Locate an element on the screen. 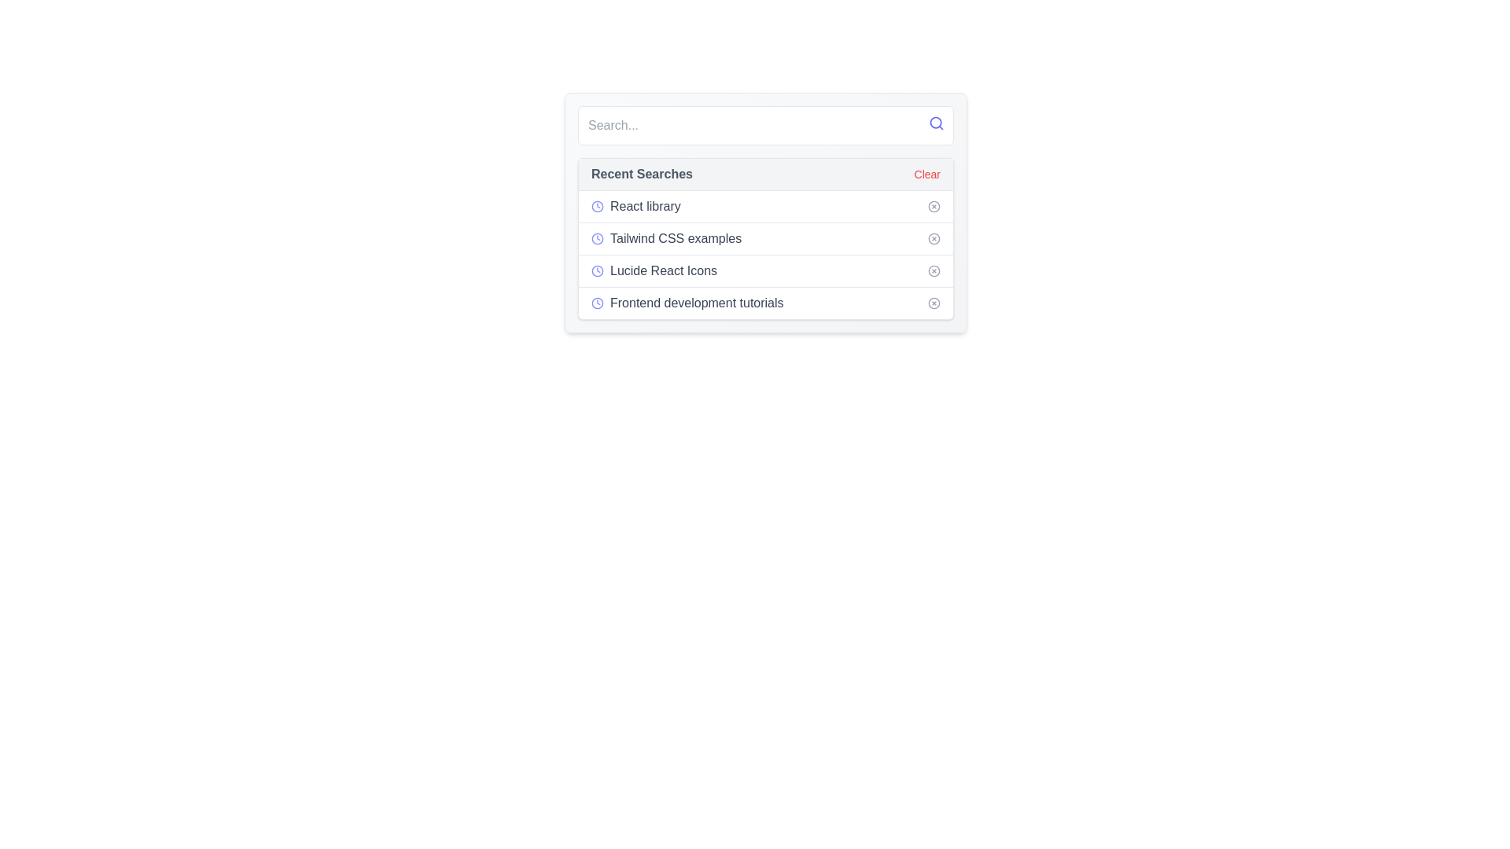 The image size is (1510, 849). the button icon for removing the 'Frontend development tutorials' item to change its color is located at coordinates (934, 303).